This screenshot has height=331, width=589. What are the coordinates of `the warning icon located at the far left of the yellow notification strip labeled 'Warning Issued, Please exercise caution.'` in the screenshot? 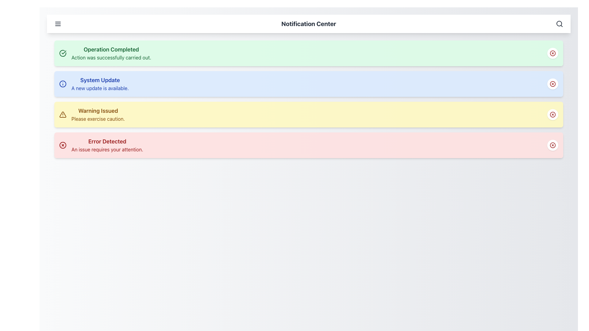 It's located at (63, 115).